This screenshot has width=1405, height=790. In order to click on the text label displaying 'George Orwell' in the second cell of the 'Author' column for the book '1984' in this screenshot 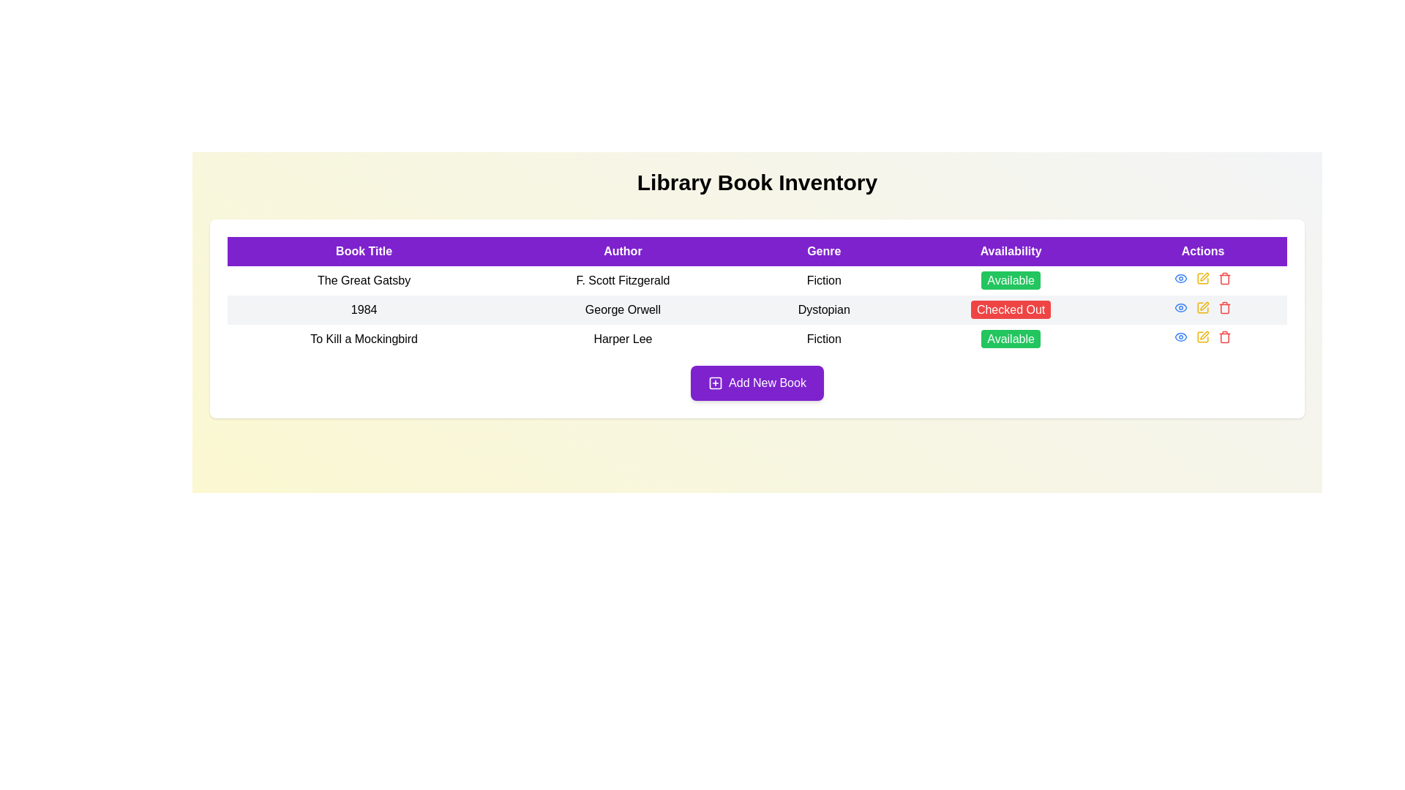, I will do `click(623, 309)`.